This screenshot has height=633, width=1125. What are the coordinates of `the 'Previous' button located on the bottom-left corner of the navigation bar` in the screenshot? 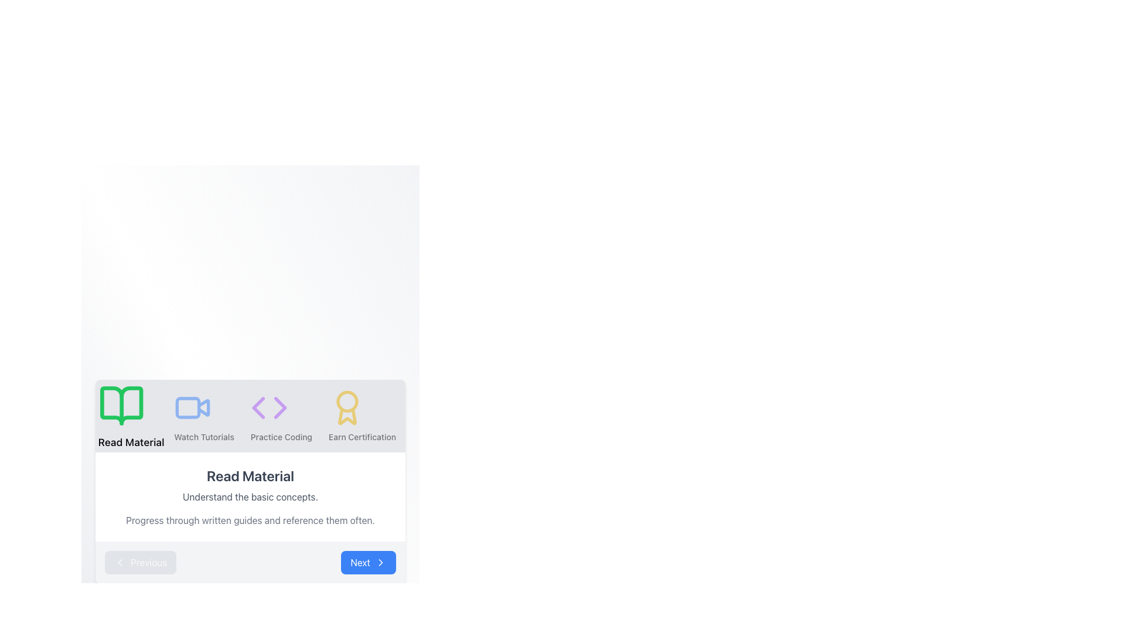 It's located at (141, 562).